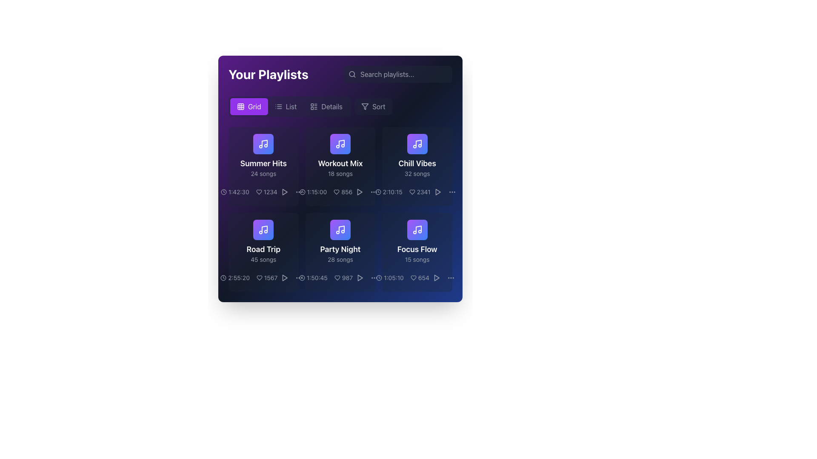 This screenshot has width=817, height=459. What do you see at coordinates (235, 192) in the screenshot?
I see `the clock icon and text combination displaying '1:42:30', located in the second row under the 'Summer Hits' playlist card` at bounding box center [235, 192].